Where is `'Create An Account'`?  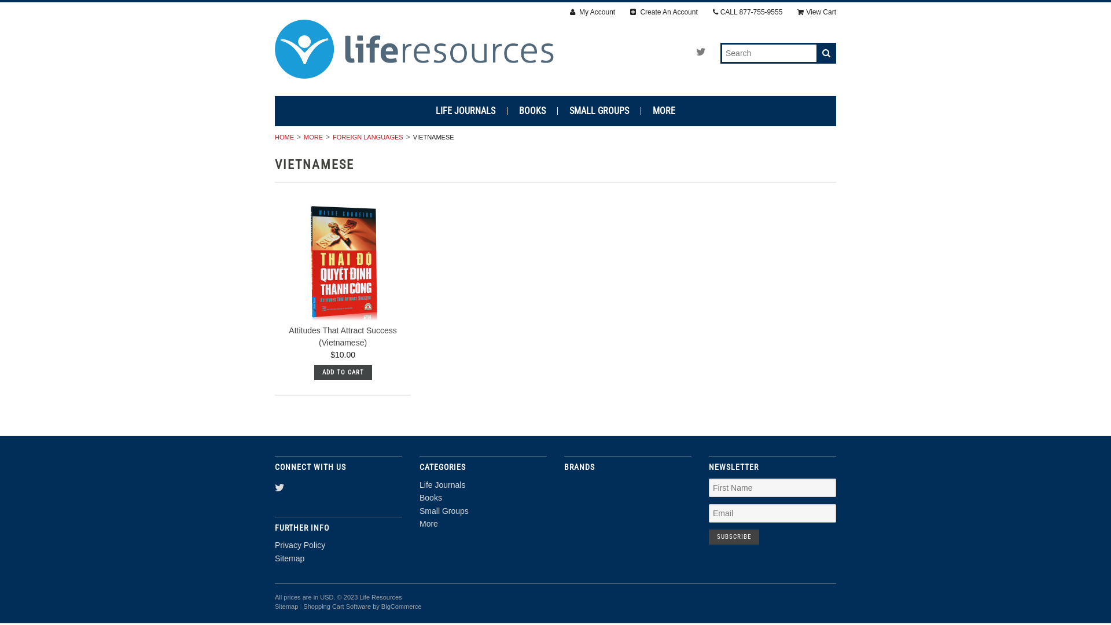 'Create An Account' is located at coordinates (664, 12).